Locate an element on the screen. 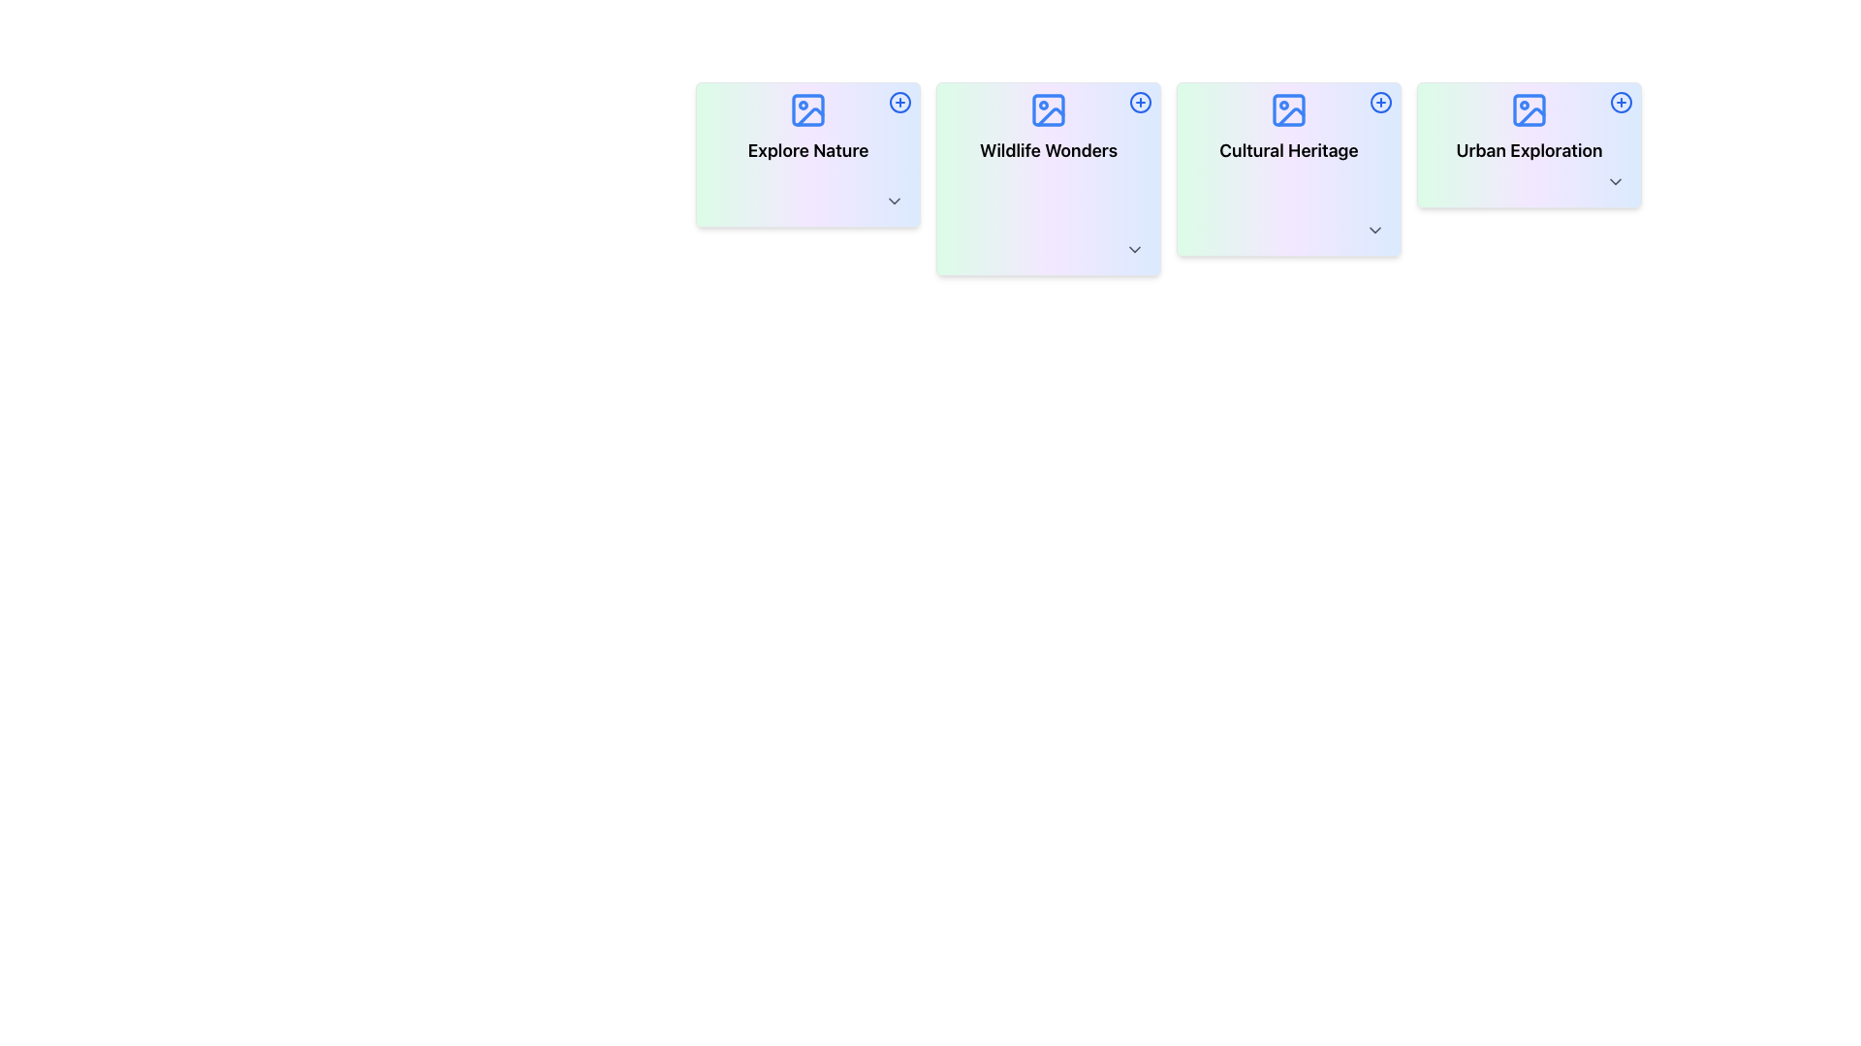 The width and height of the screenshot is (1861, 1046). the decorative rectangle within the SVG graphic located at the top-center of the 'Explore Nature' card is located at coordinates (808, 110).